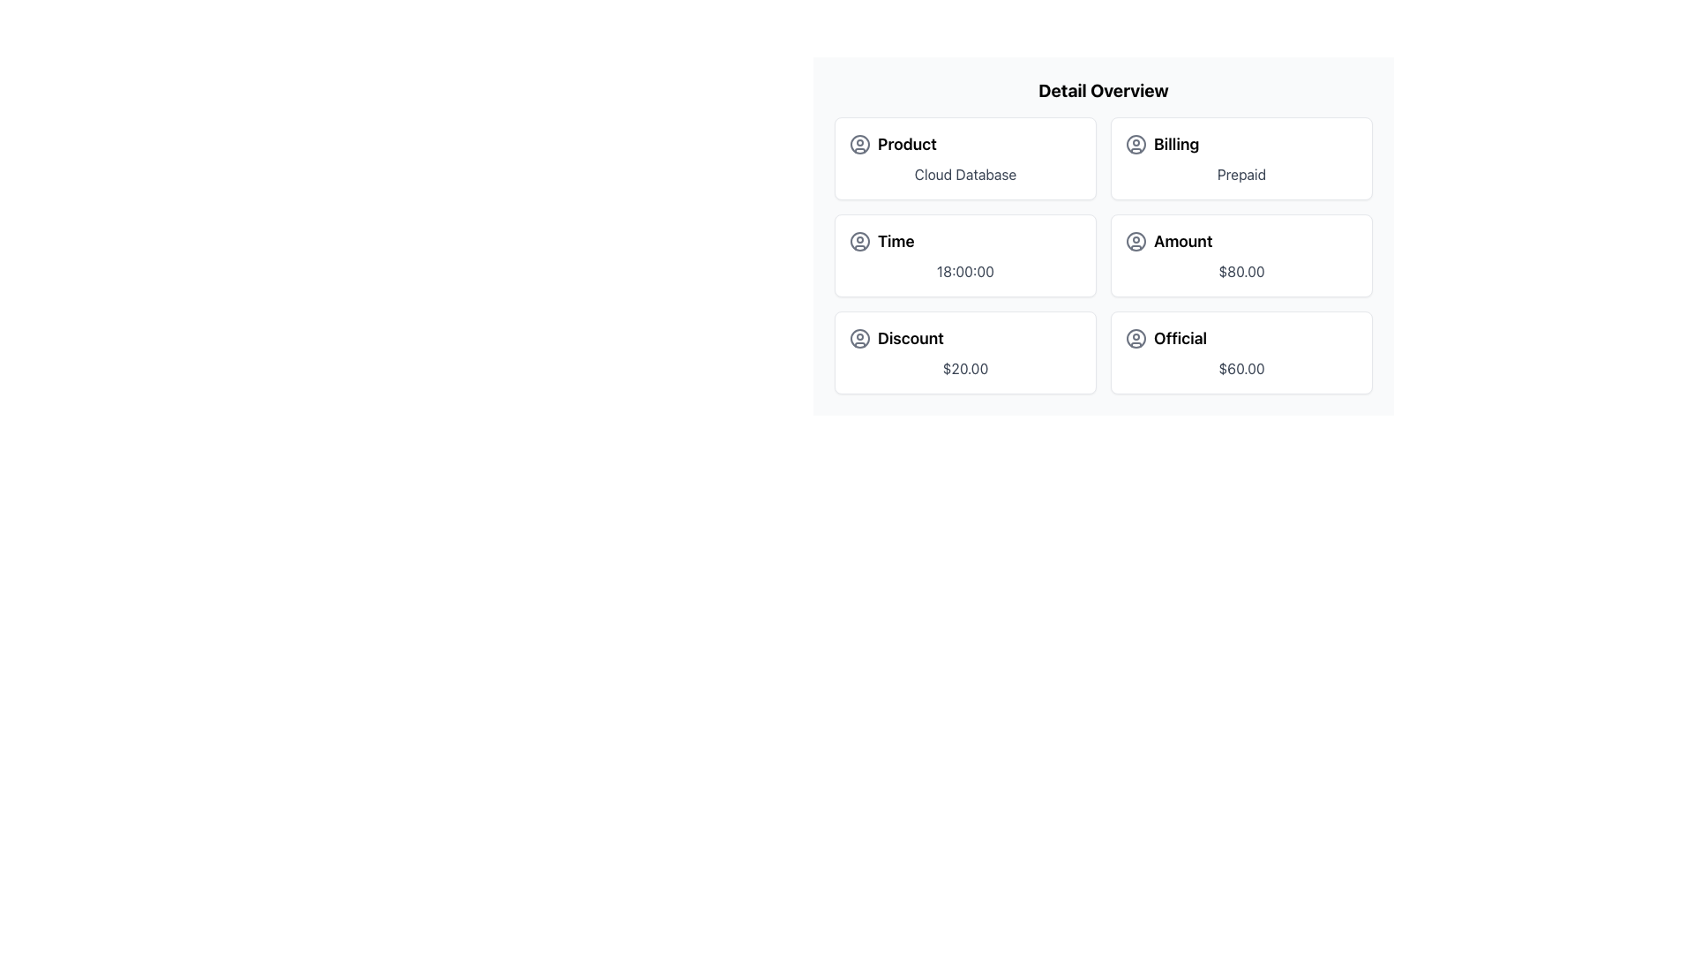 The height and width of the screenshot is (953, 1694). What do you see at coordinates (896, 241) in the screenshot?
I see `the 'Time' label, which is a bold text label clearly visible against a white background, located in the second box of a two-column grid layout, to the right of a user profile icon` at bounding box center [896, 241].